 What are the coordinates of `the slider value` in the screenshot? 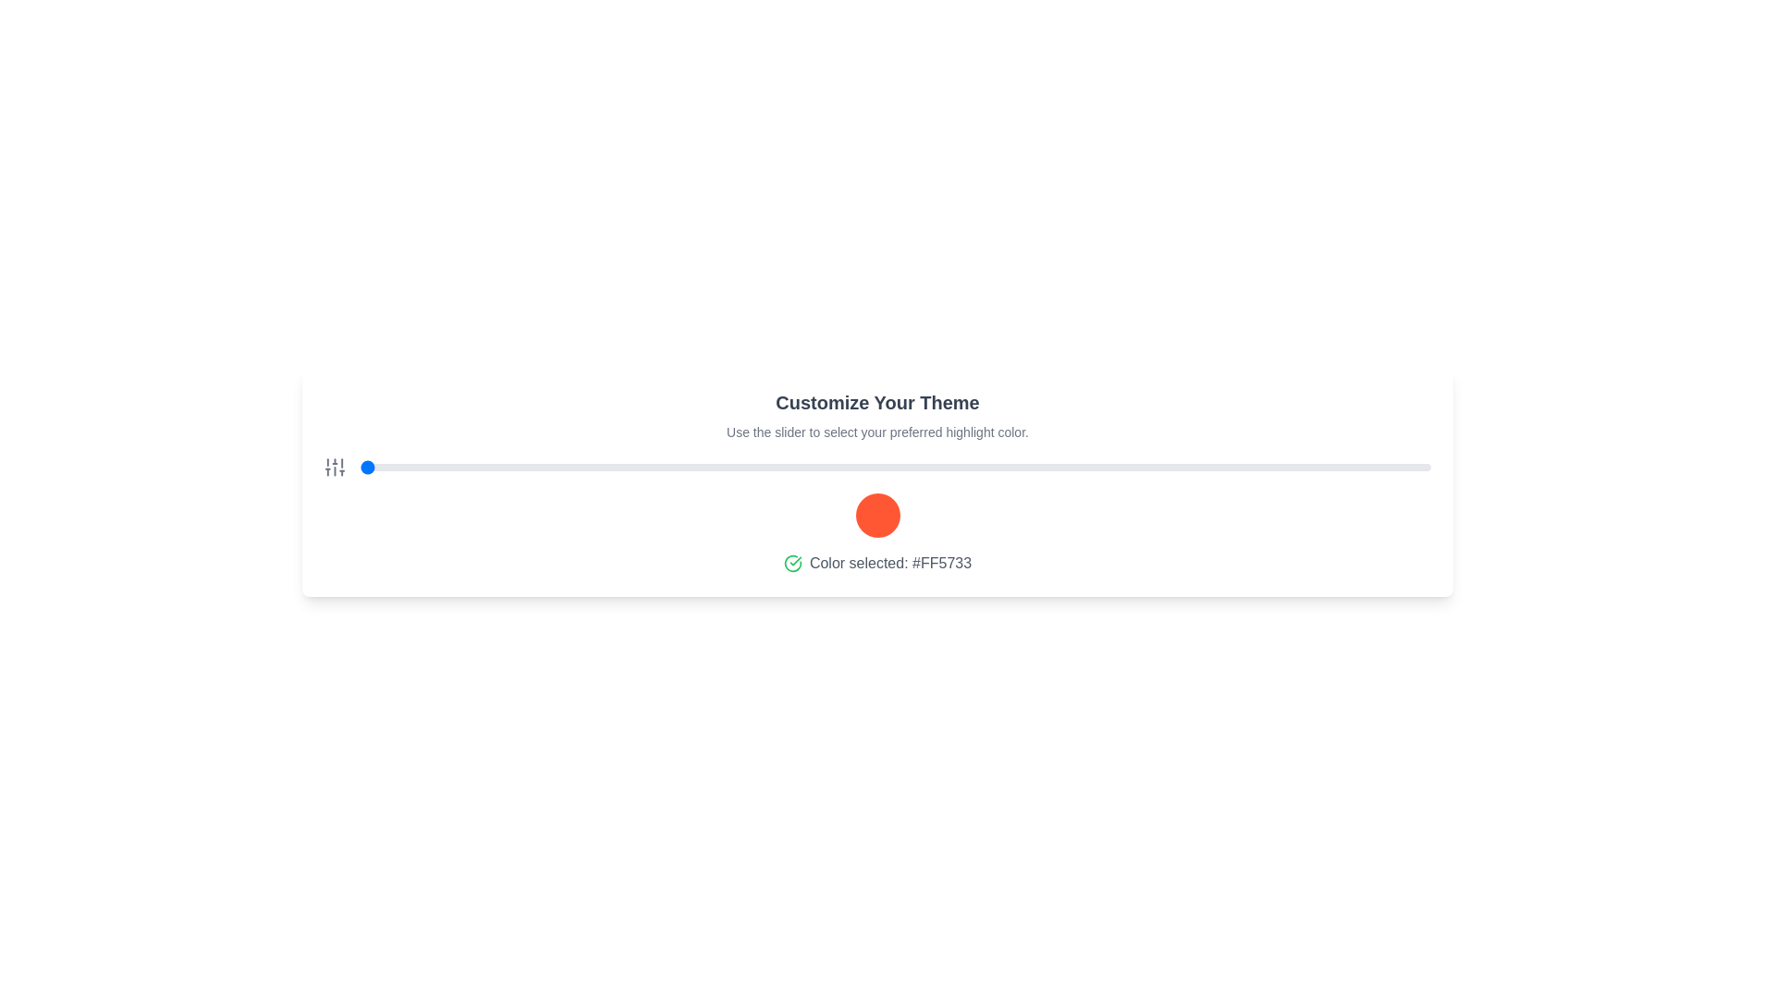 It's located at (1386, 466).